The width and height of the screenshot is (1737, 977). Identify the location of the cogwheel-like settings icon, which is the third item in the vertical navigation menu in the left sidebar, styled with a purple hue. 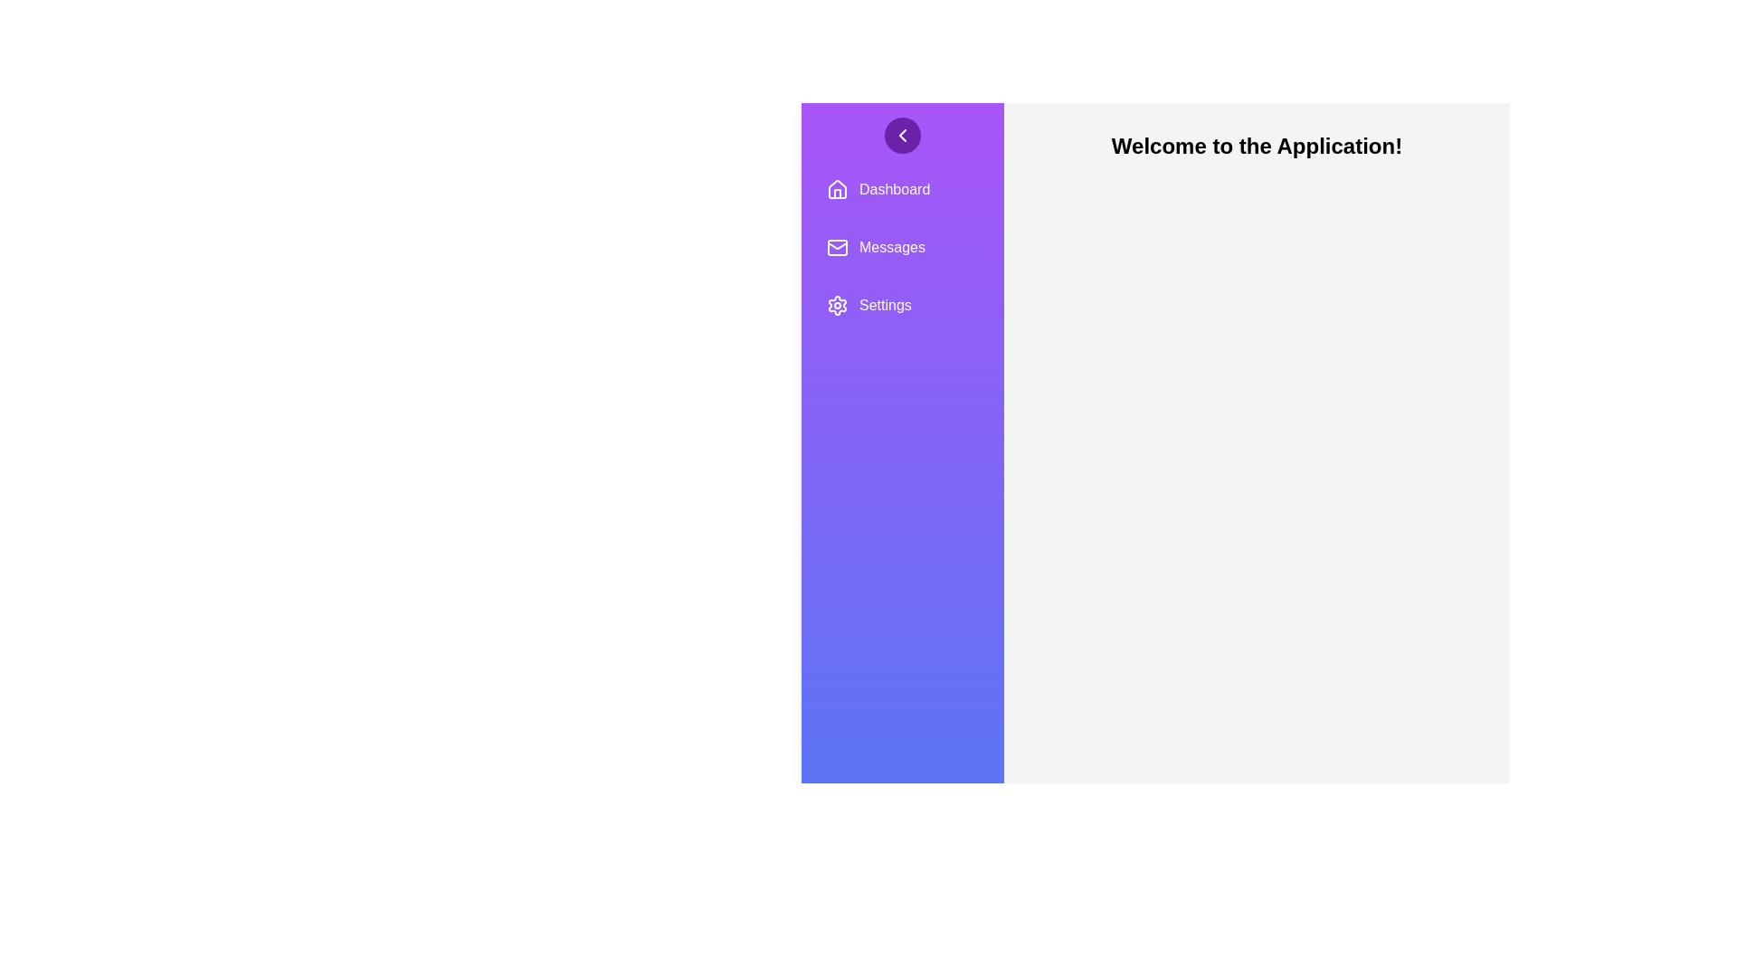
(837, 305).